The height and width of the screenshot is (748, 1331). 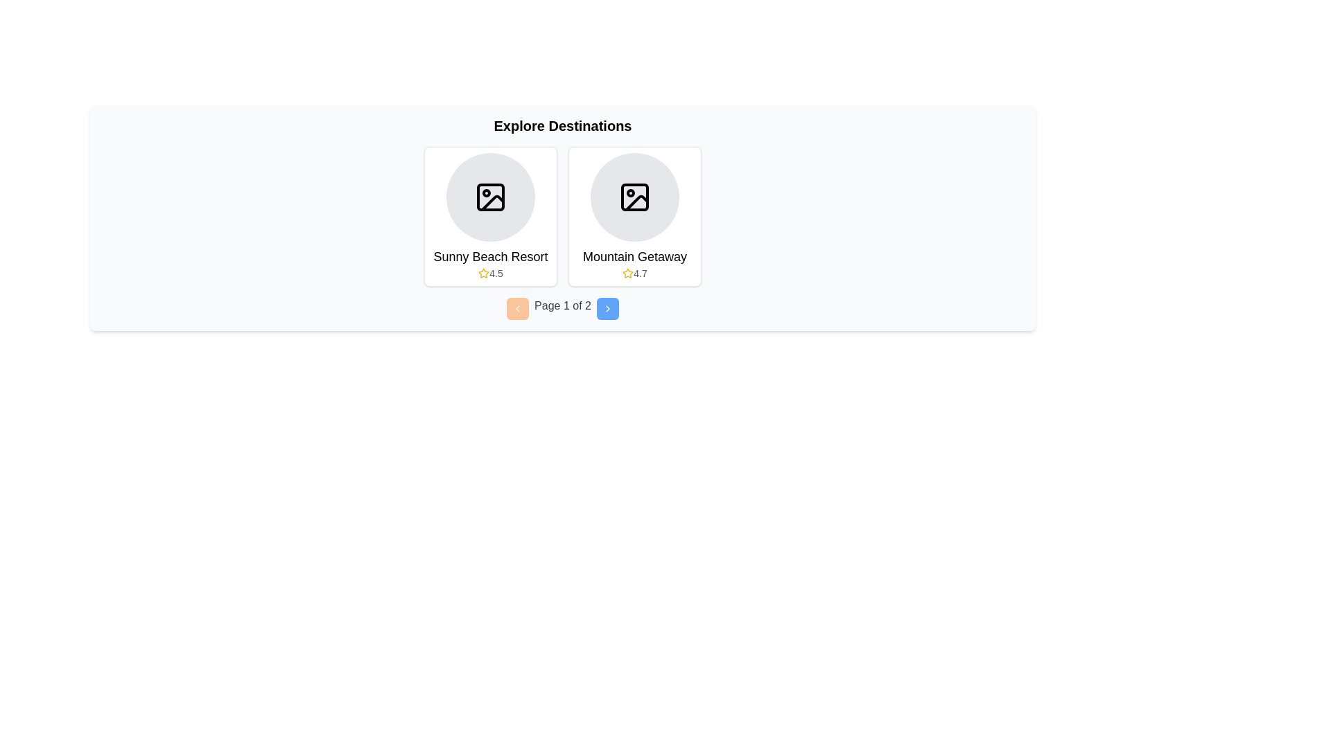 What do you see at coordinates (634, 216) in the screenshot?
I see `on the card displaying the overview of a destination, located second from the left in the list` at bounding box center [634, 216].